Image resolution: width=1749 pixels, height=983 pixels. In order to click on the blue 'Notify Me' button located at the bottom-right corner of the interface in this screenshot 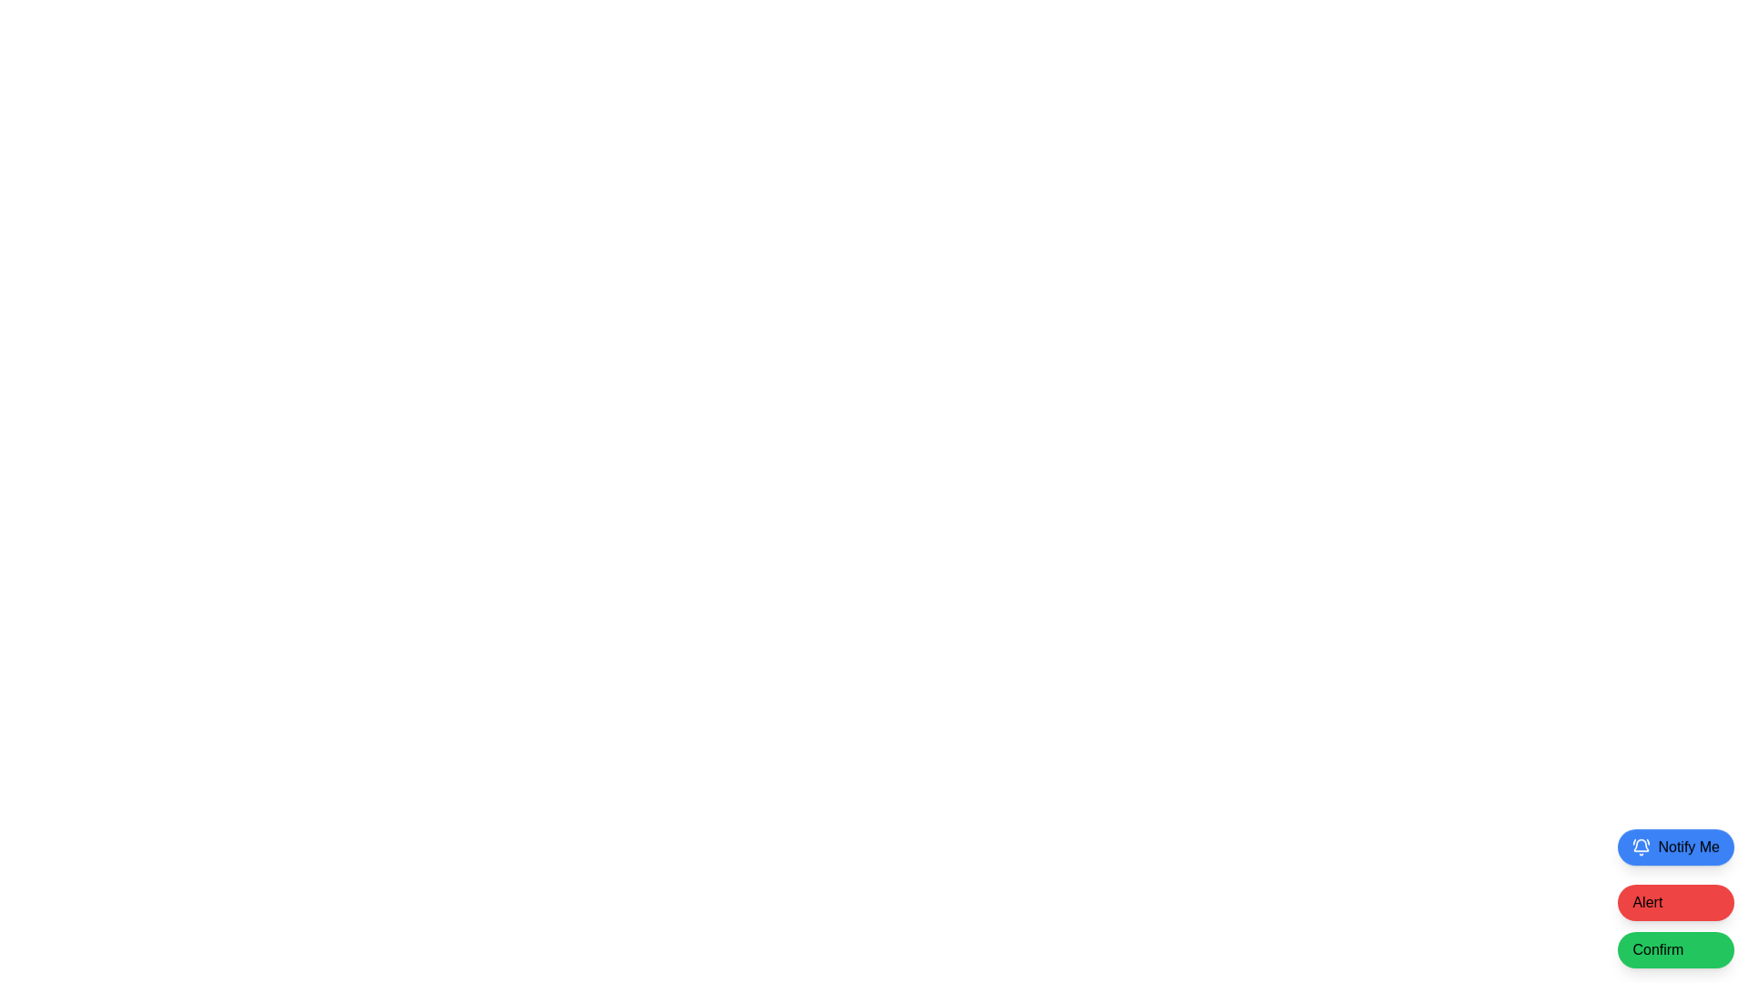, I will do `click(1676, 852)`.